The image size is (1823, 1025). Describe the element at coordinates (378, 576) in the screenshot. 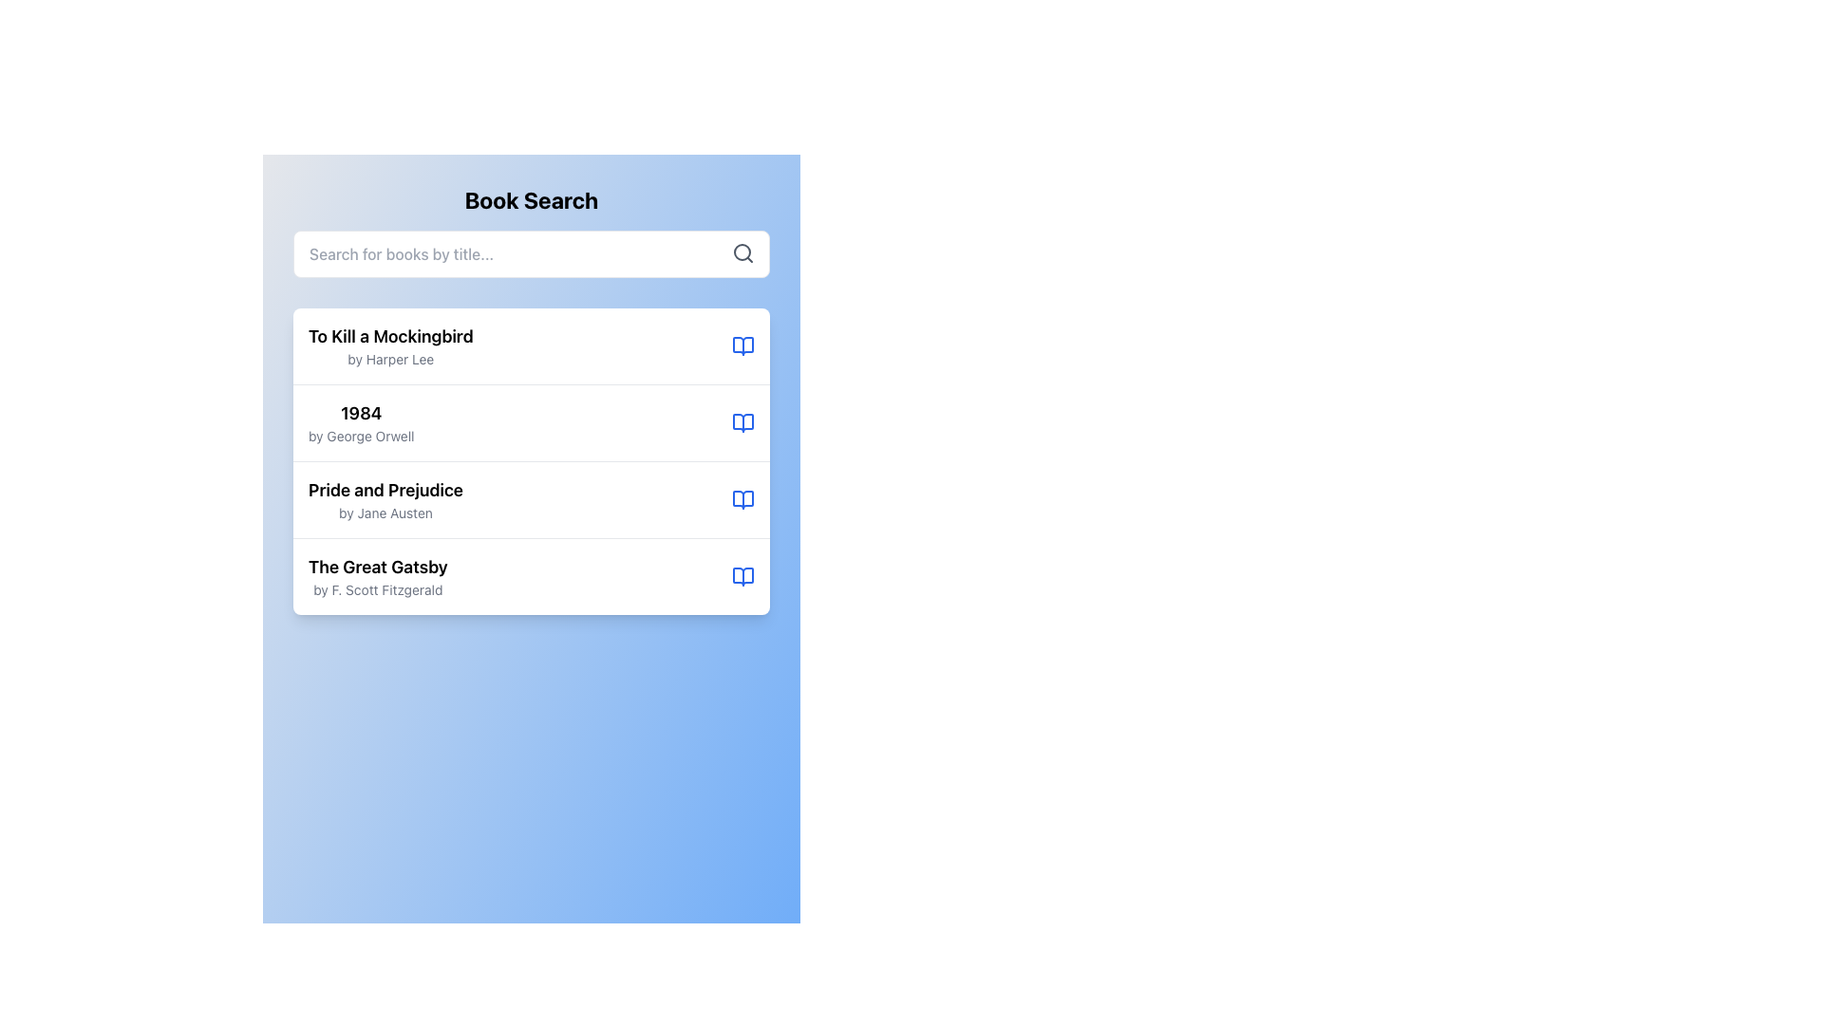

I see `the text block displaying the title 'The Great Gatsby' and subtitle 'by F. Scott Fitzgerald'` at that location.